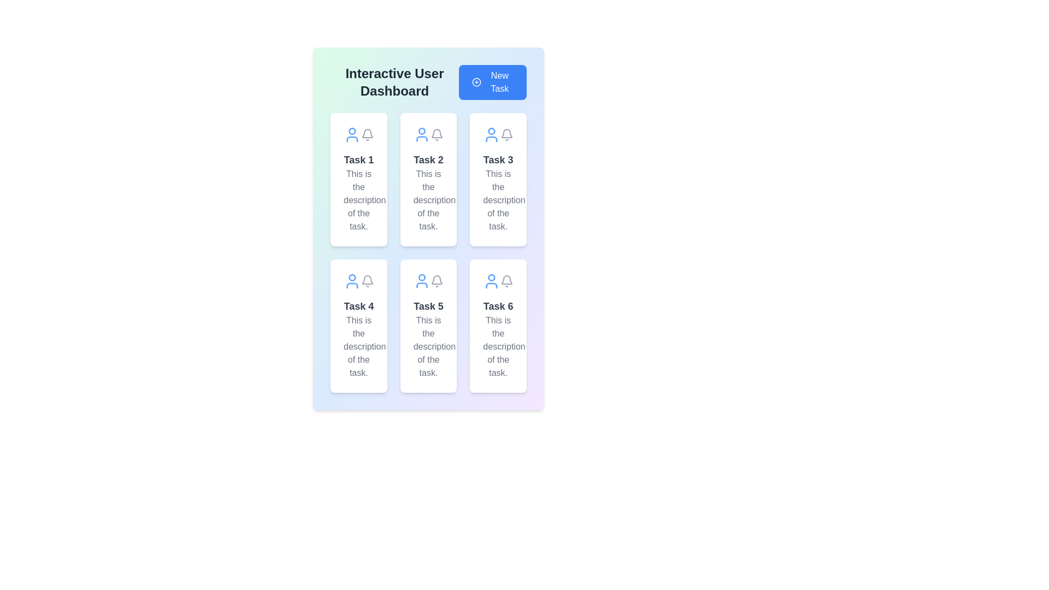  What do you see at coordinates (428, 347) in the screenshot?
I see `text block containing the description 'This is the description of the task.' located in the card labeled 'Task 5', positioned in the middle column of the grid layout in the second row` at bounding box center [428, 347].